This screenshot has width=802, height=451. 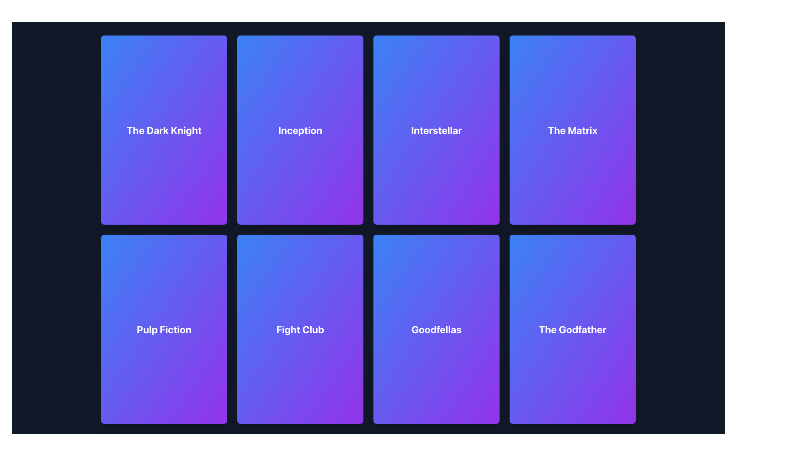 I want to click on the movie title label in the fourth card of the top row in the movie grid, which indicates the title of a movie, so click(x=572, y=130).